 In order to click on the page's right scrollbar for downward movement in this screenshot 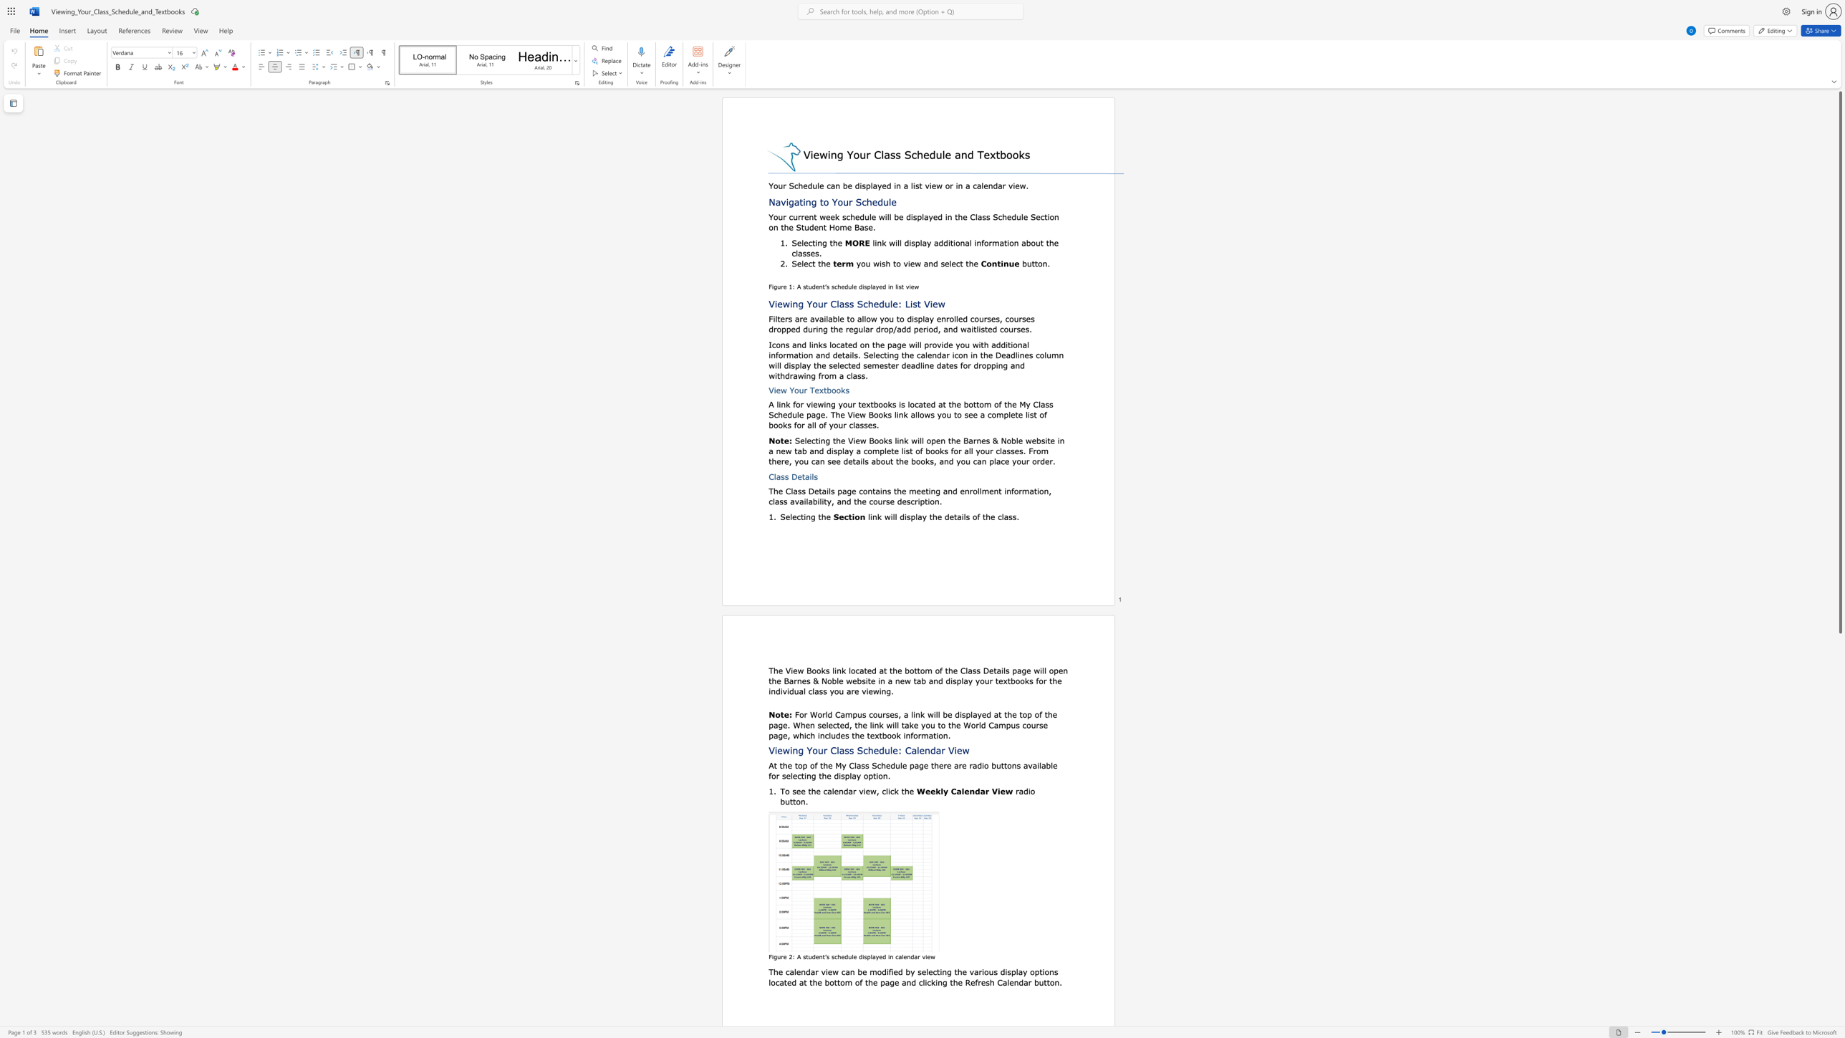, I will do `click(1839, 1023)`.